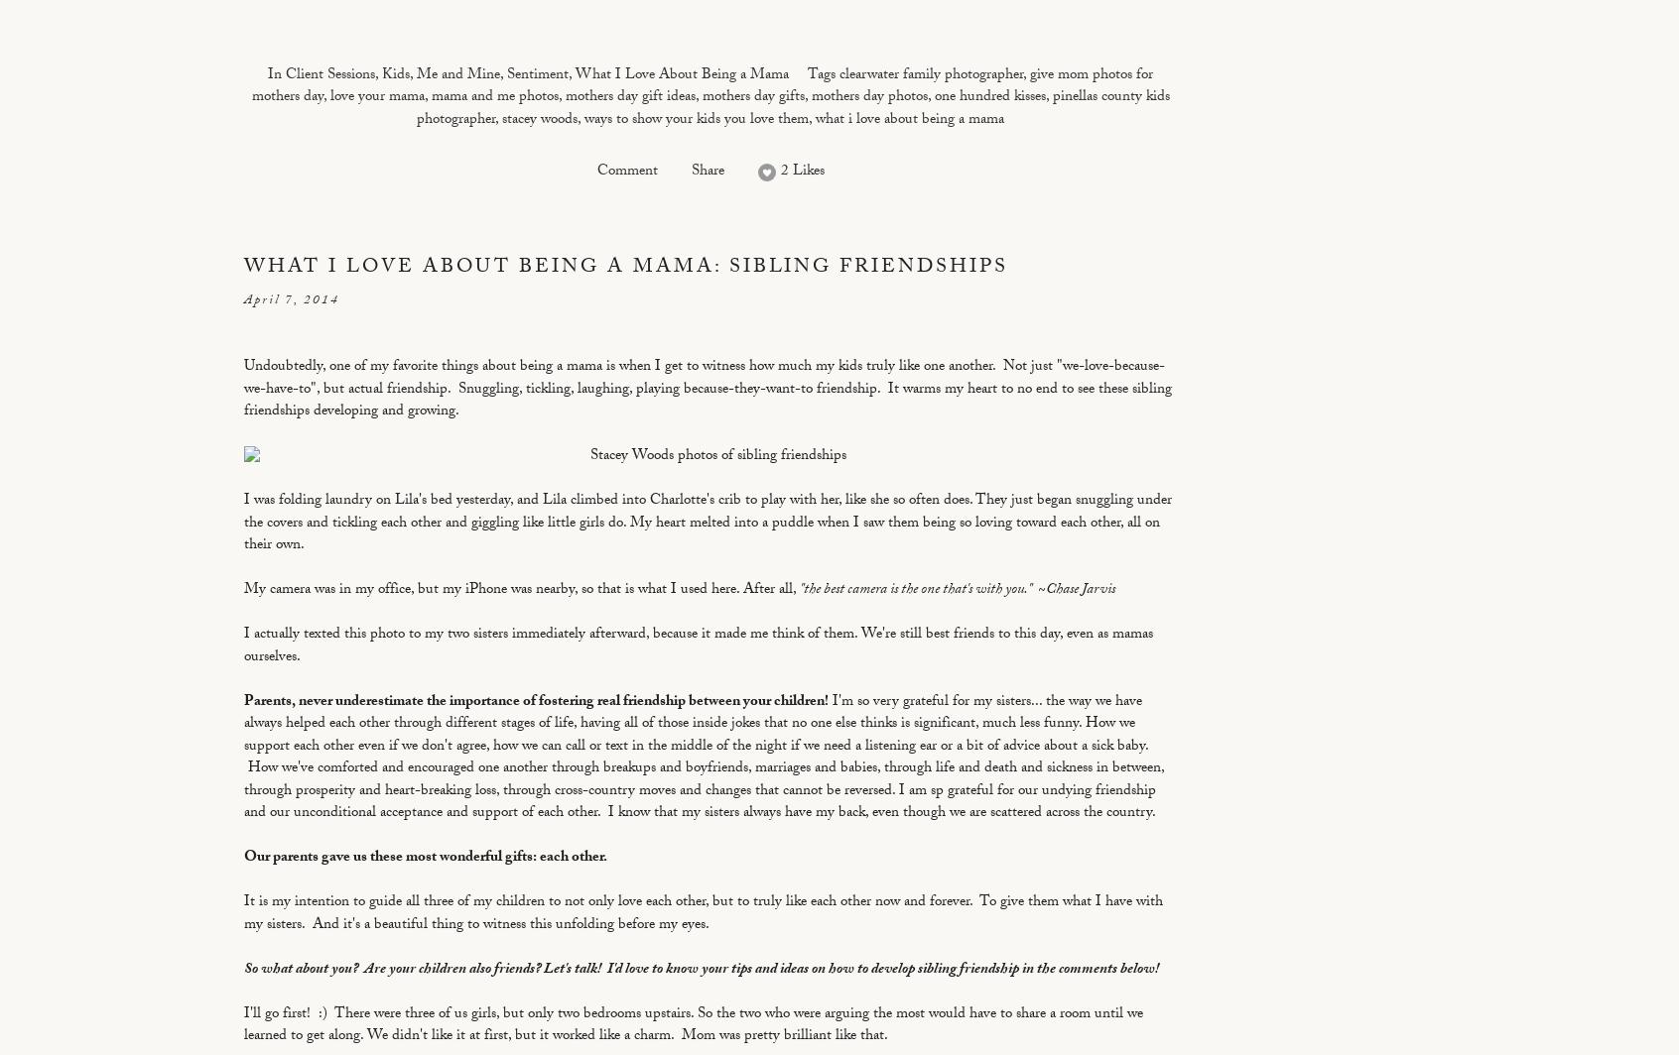 The height and width of the screenshot is (1055, 1679). Describe the element at coordinates (424, 858) in the screenshot. I see `'Our parents gave us these most wonderful gifts: each other.'` at that location.